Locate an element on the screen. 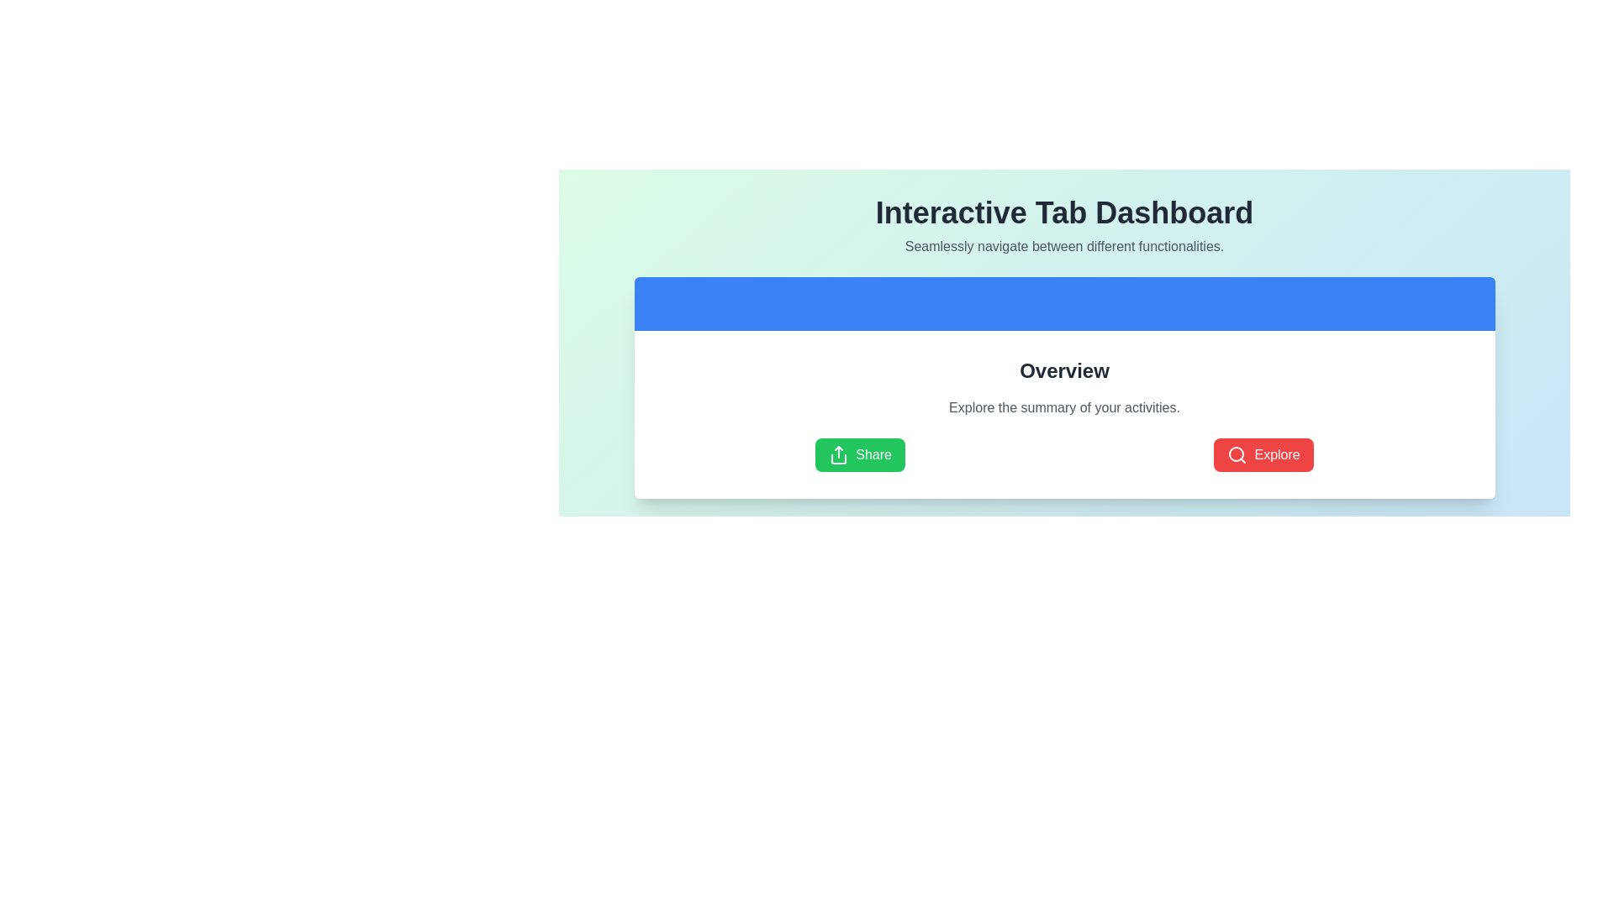 The image size is (1614, 907). the 'Overview' icon located in the left section of the blue header, which serves as a visual marker for the associated 'Overview' tab, to gather information is located at coordinates (710, 304).